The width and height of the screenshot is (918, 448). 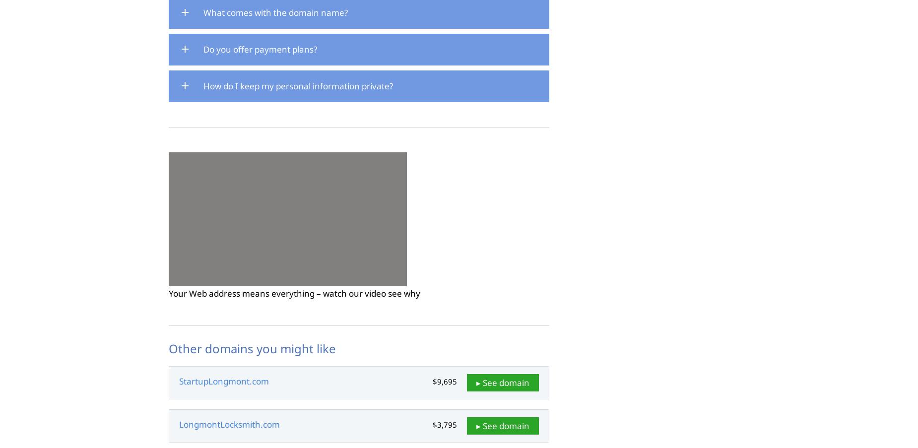 What do you see at coordinates (445, 425) in the screenshot?
I see `'$3,795'` at bounding box center [445, 425].